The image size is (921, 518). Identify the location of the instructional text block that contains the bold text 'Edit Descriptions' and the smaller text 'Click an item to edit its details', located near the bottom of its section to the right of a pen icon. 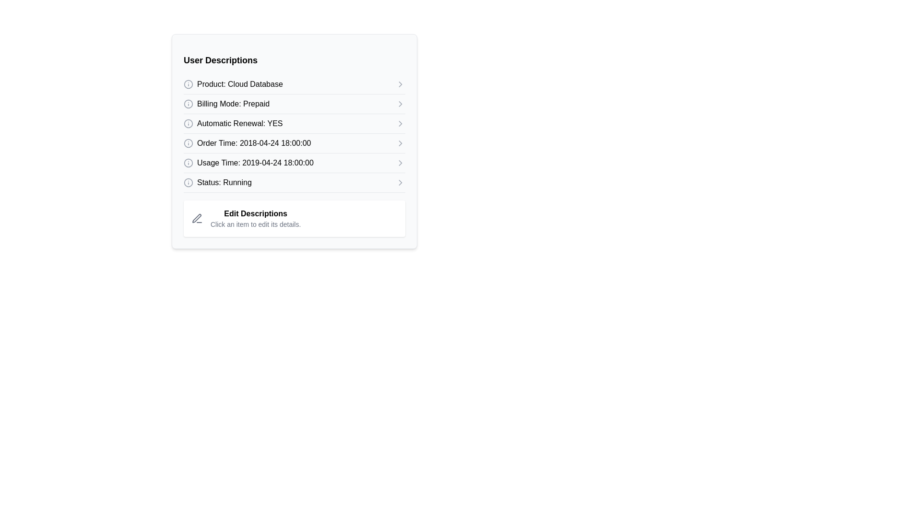
(256, 218).